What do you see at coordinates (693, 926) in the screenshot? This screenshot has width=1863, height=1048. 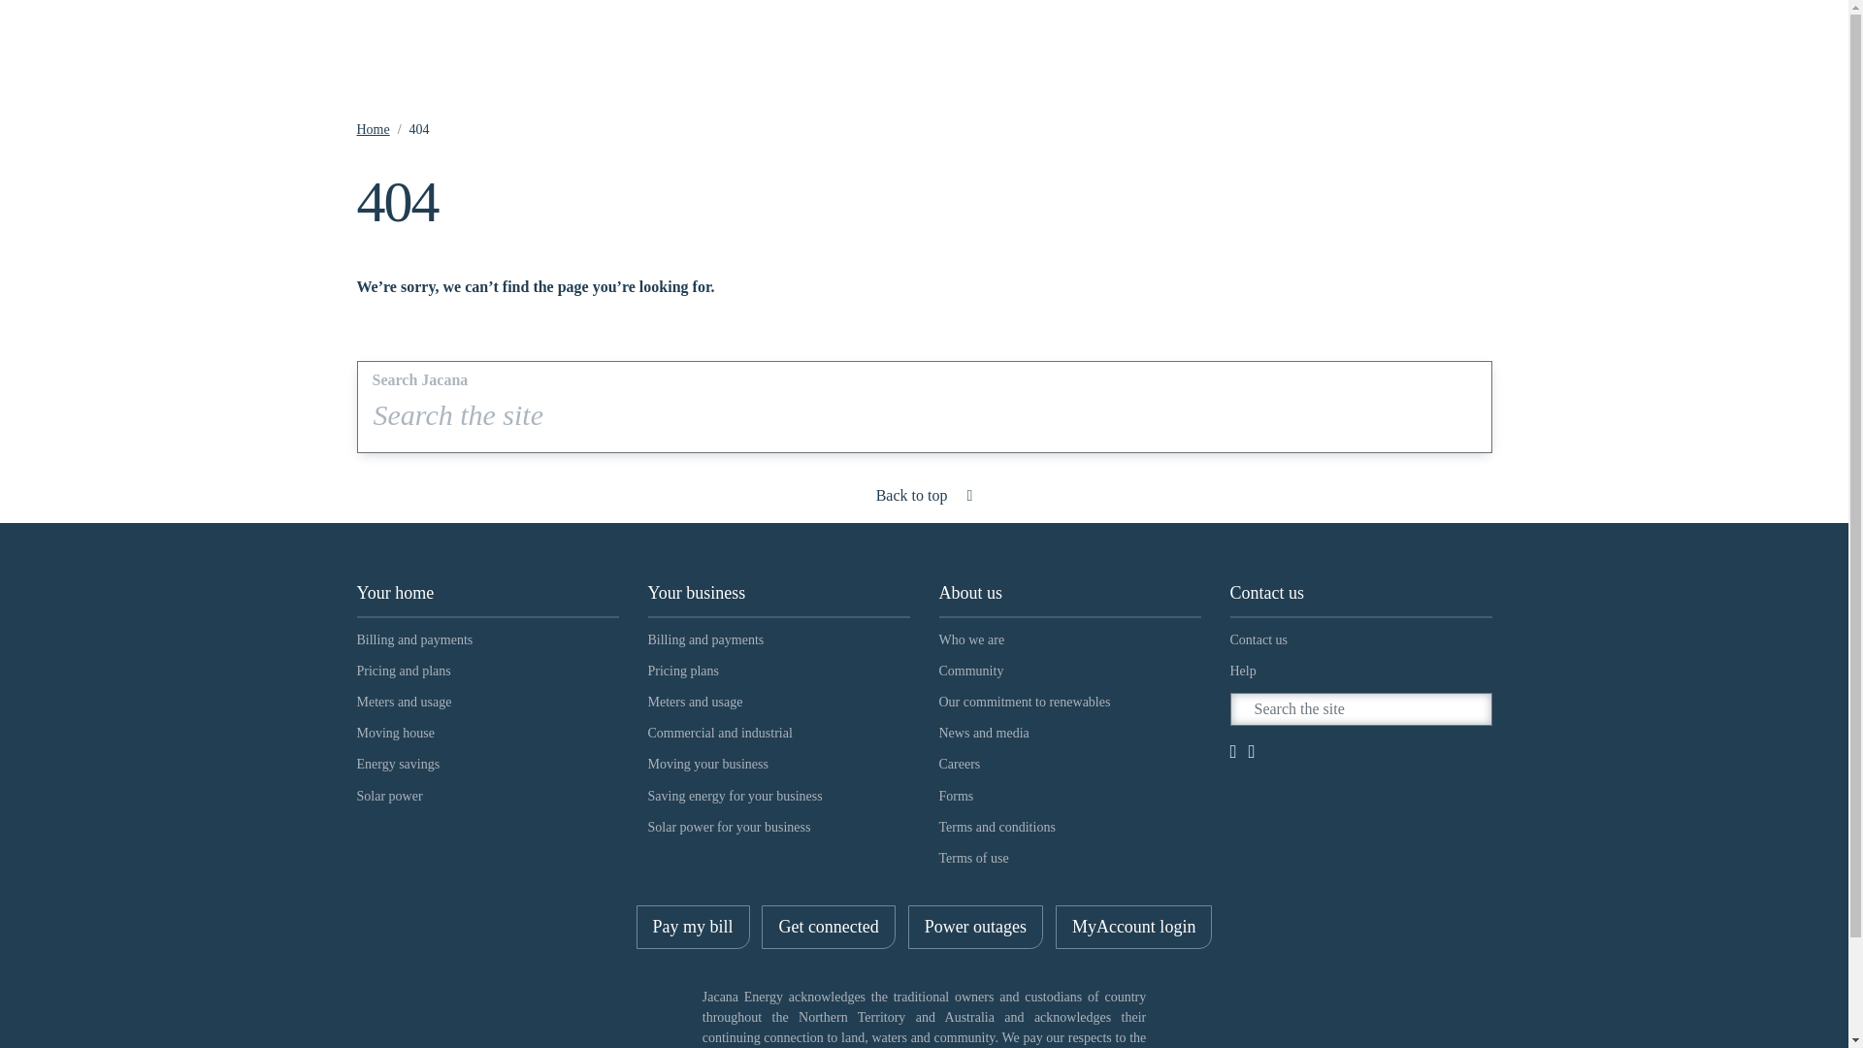 I see `'Pay my bill'` at bounding box center [693, 926].